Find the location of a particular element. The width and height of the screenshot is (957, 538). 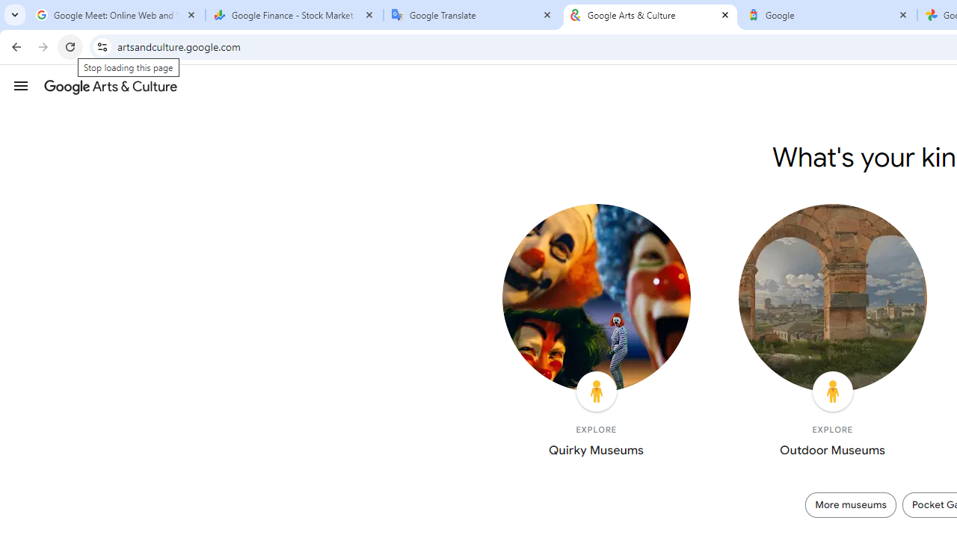

'EXPLORE Quirky Museums' is located at coordinates (595, 333).